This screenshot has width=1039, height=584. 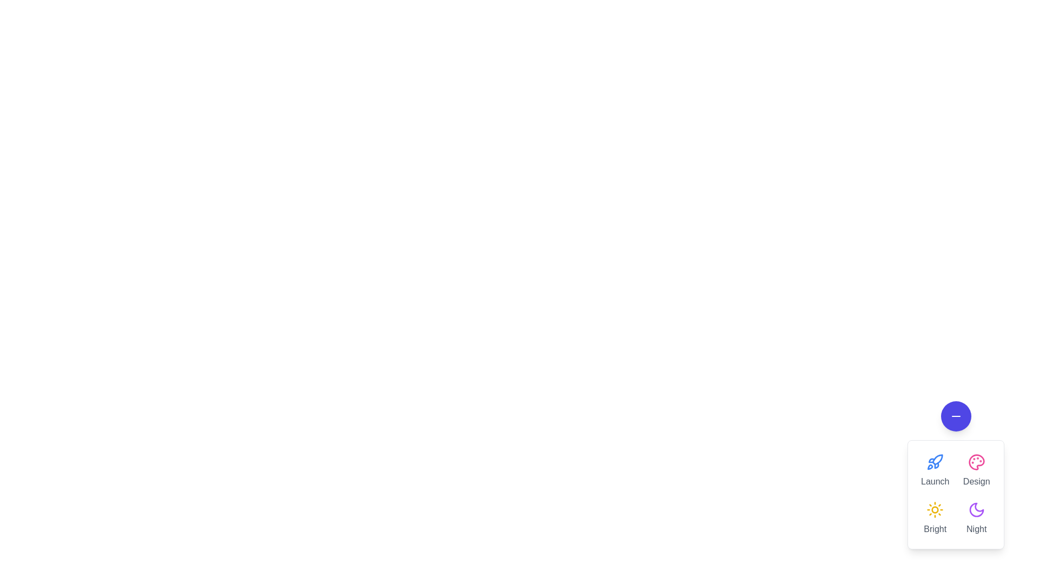 What do you see at coordinates (976, 470) in the screenshot?
I see `the 'Design' button` at bounding box center [976, 470].